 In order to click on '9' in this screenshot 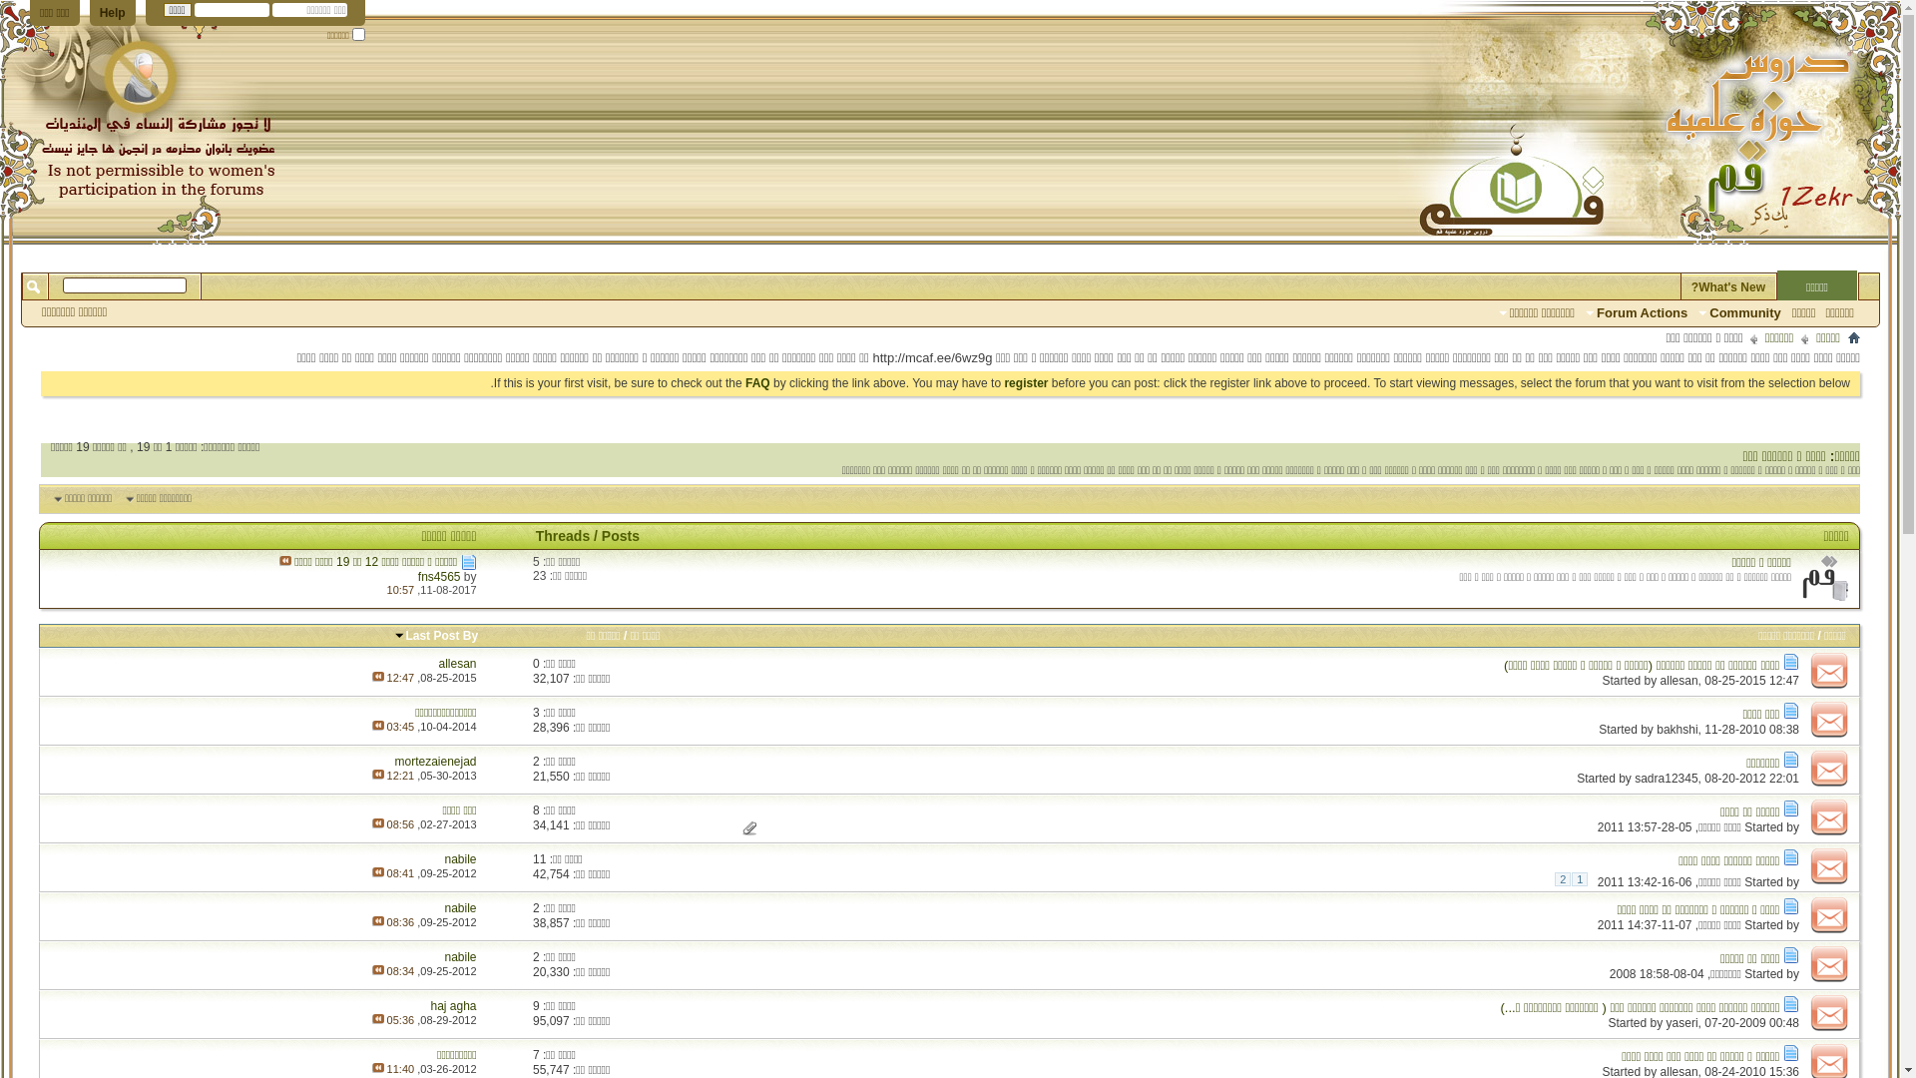, I will do `click(532, 1005)`.